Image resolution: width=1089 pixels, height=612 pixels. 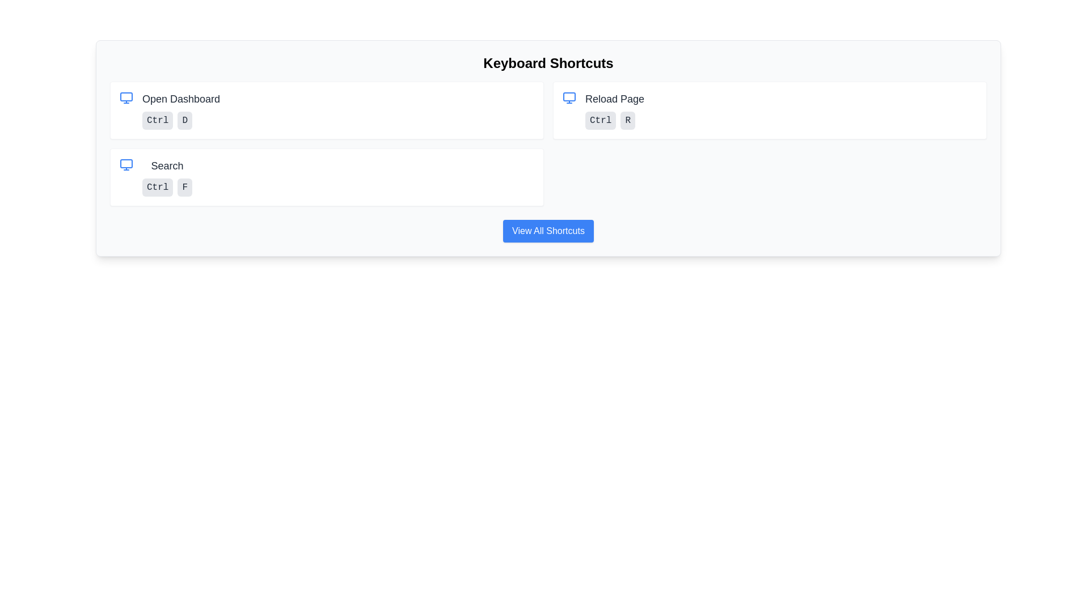 What do you see at coordinates (157, 187) in the screenshot?
I see `the static, non-interactive text button labeled 'Ctrl' located in the keyboard shortcuts panel under 'Search'` at bounding box center [157, 187].